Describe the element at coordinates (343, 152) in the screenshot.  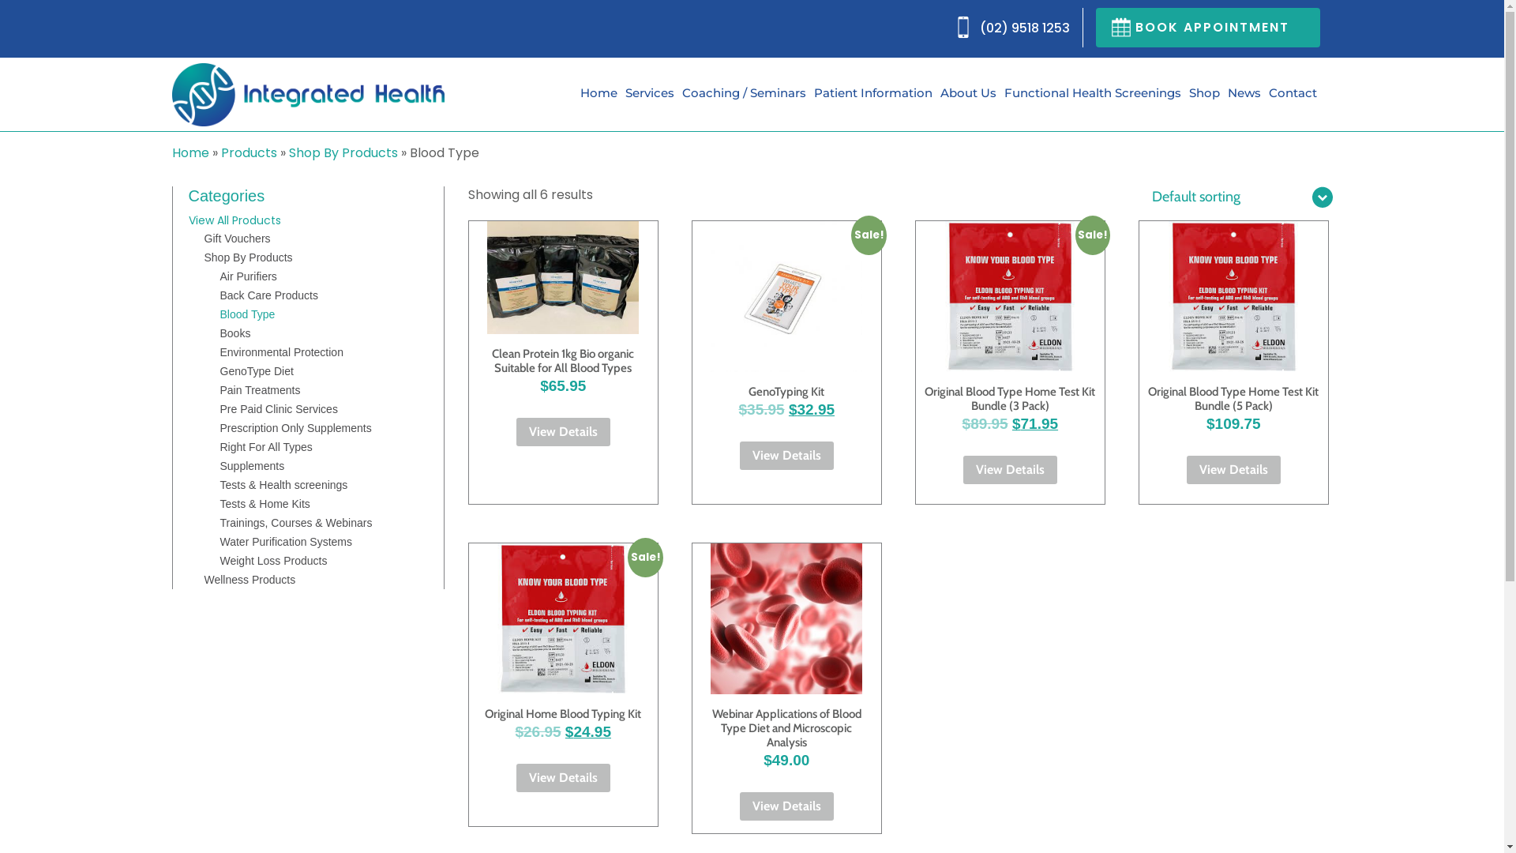
I see `'Shop By Products'` at that location.